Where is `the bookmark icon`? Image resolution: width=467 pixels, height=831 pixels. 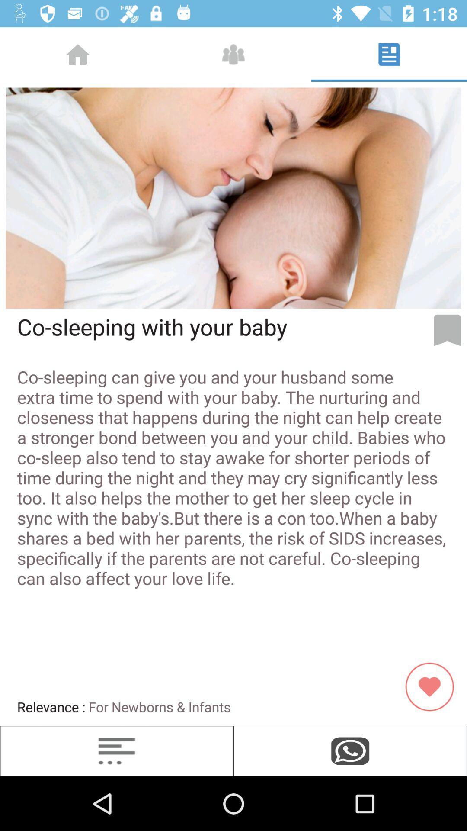 the bookmark icon is located at coordinates (447, 330).